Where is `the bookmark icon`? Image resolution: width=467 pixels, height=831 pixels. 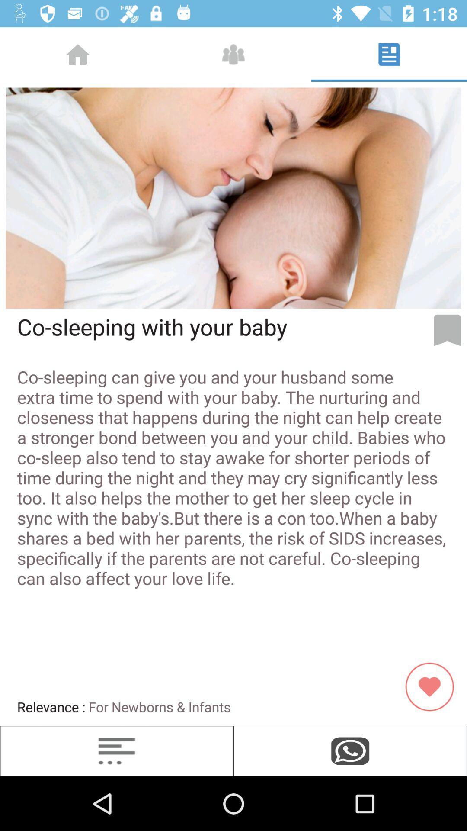 the bookmark icon is located at coordinates (447, 330).